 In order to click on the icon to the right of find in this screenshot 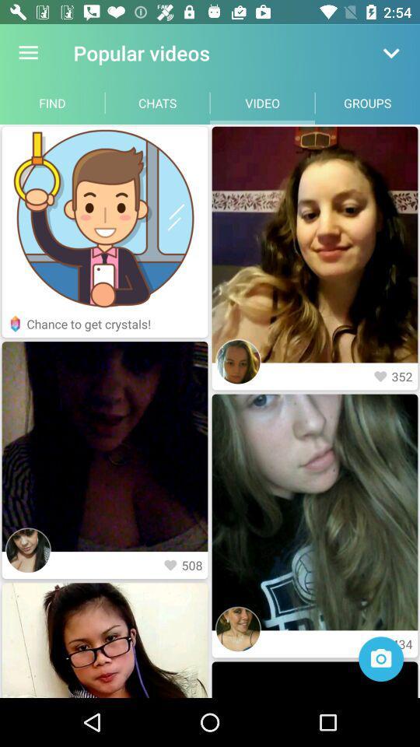, I will do `click(157, 102)`.